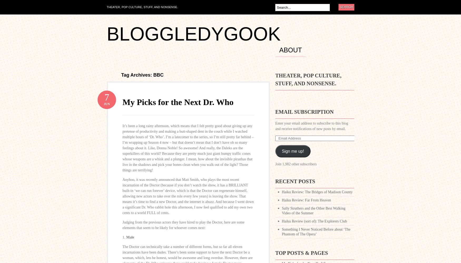  Describe the element at coordinates (316, 231) in the screenshot. I see `'Something I Never Noticed Before about ‘The Phantom of The Opera’'` at that location.